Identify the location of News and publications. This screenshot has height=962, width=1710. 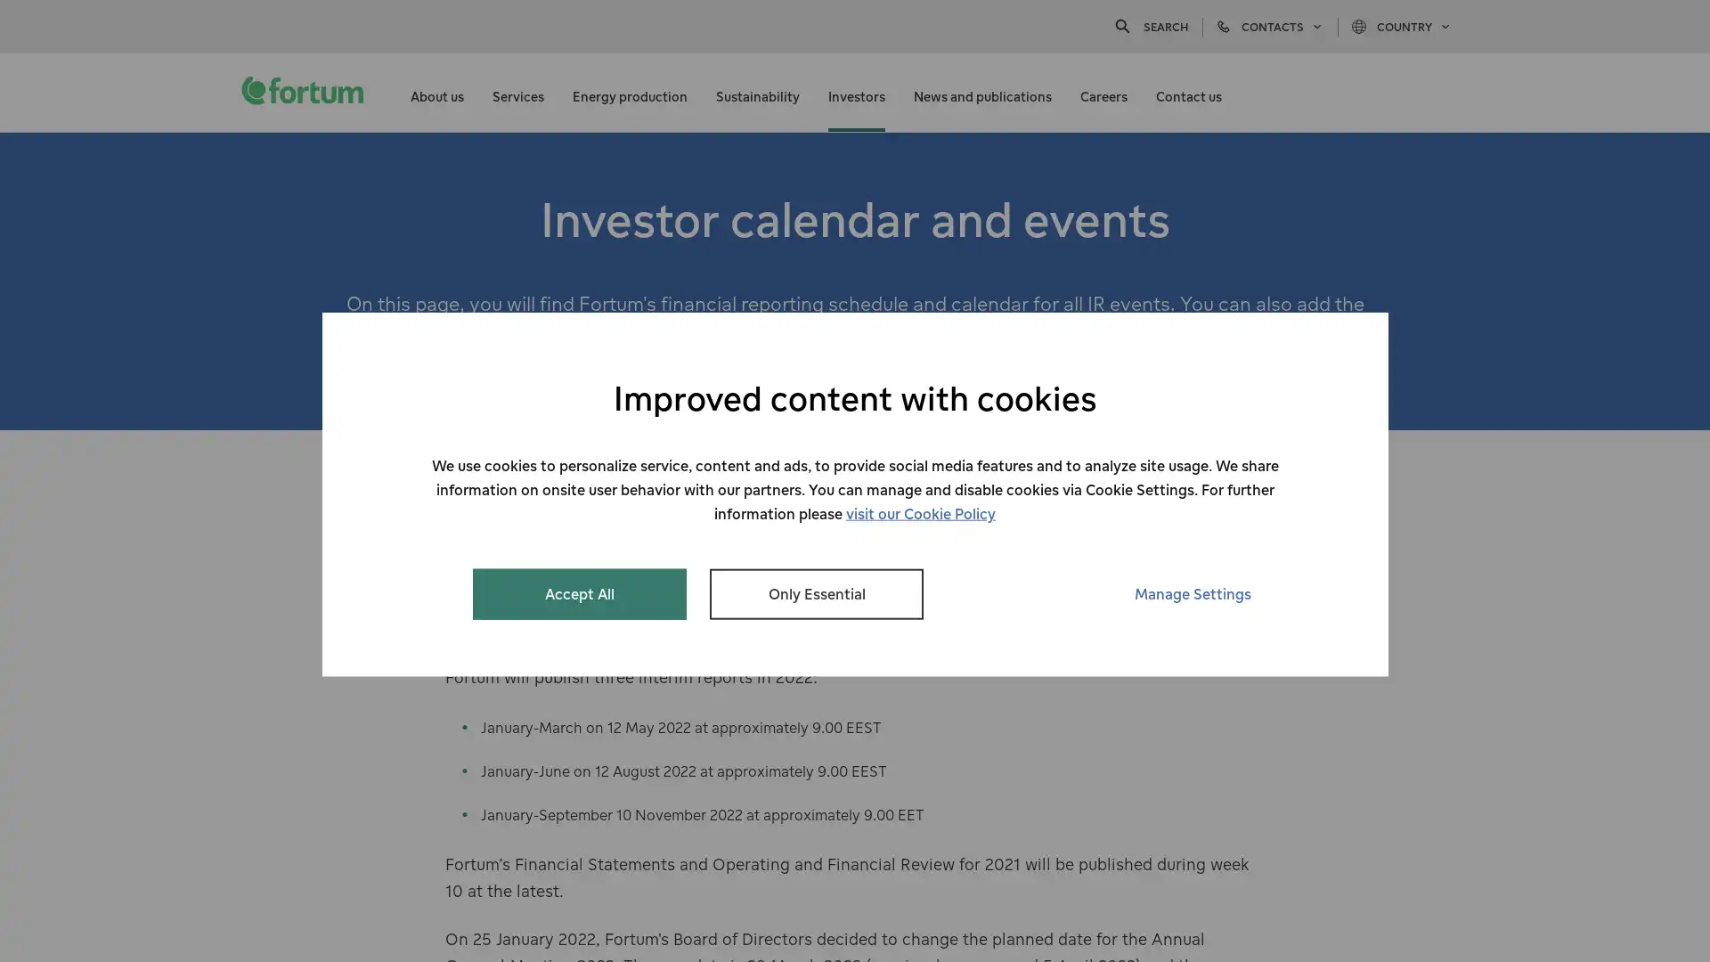
(981, 93).